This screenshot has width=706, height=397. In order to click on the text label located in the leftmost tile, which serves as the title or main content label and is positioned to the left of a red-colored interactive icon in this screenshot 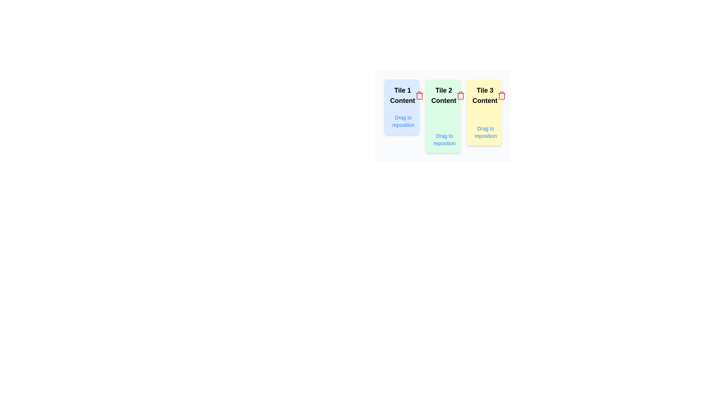, I will do `click(402, 95)`.